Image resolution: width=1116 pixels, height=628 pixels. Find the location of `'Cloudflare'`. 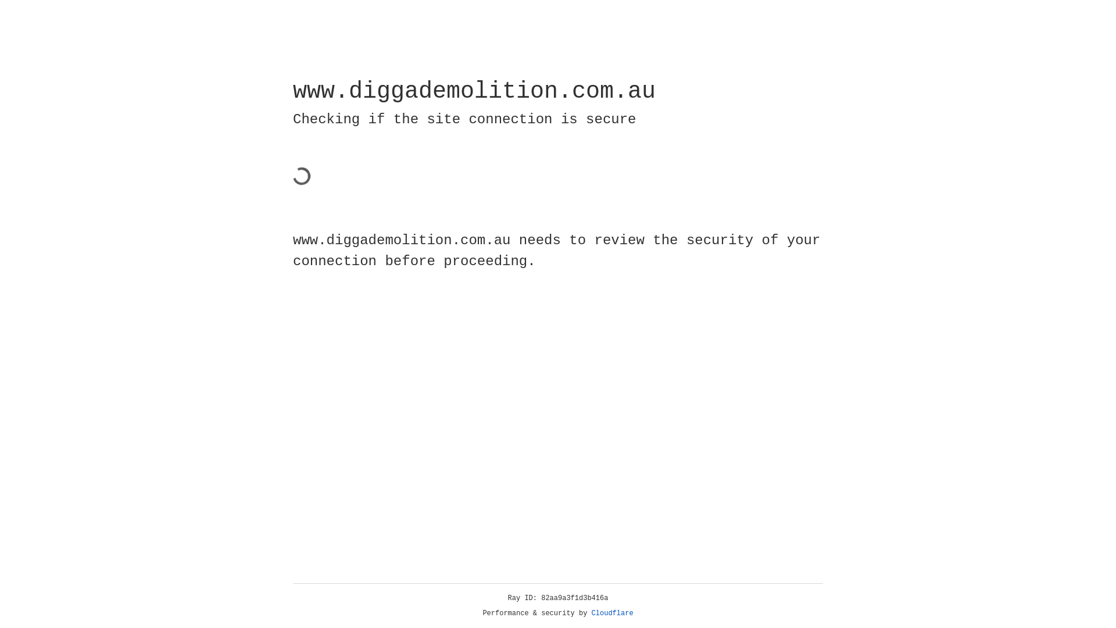

'Cloudflare' is located at coordinates (612, 613).